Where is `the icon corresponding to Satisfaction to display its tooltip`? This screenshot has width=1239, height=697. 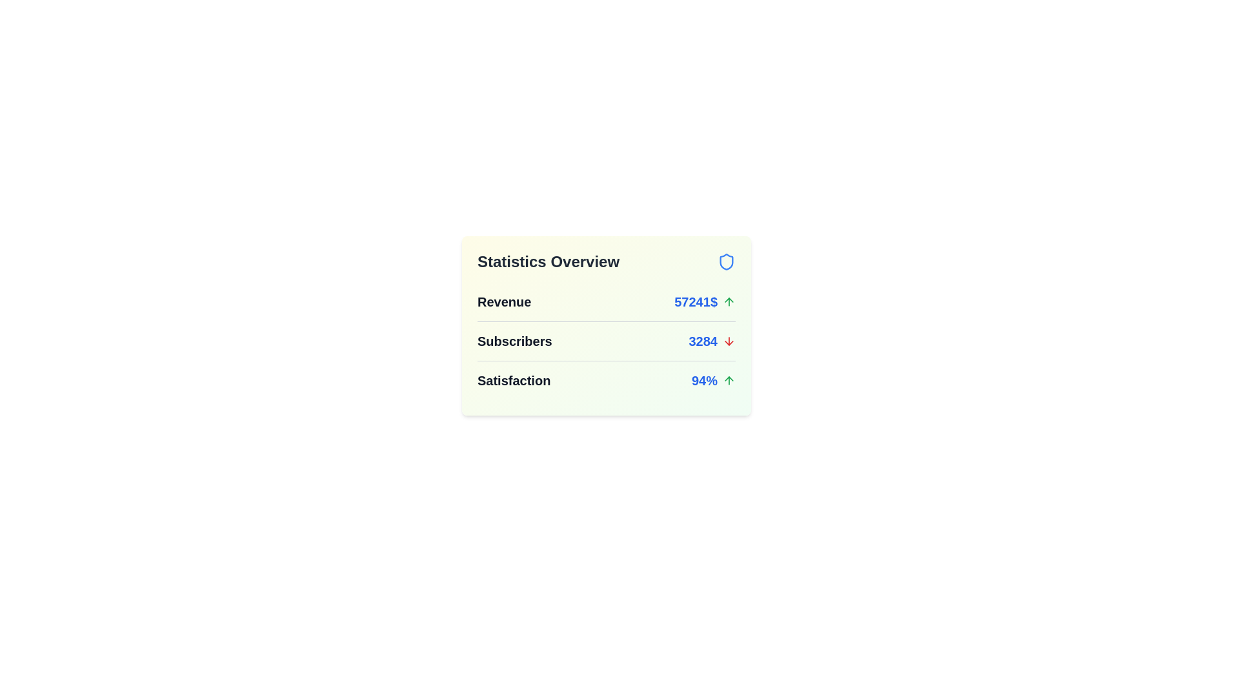 the icon corresponding to Satisfaction to display its tooltip is located at coordinates (729, 380).